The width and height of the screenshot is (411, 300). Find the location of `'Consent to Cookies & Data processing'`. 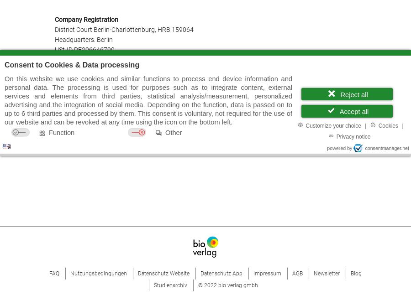

'Consent to Cookies & Data processing' is located at coordinates (72, 64).